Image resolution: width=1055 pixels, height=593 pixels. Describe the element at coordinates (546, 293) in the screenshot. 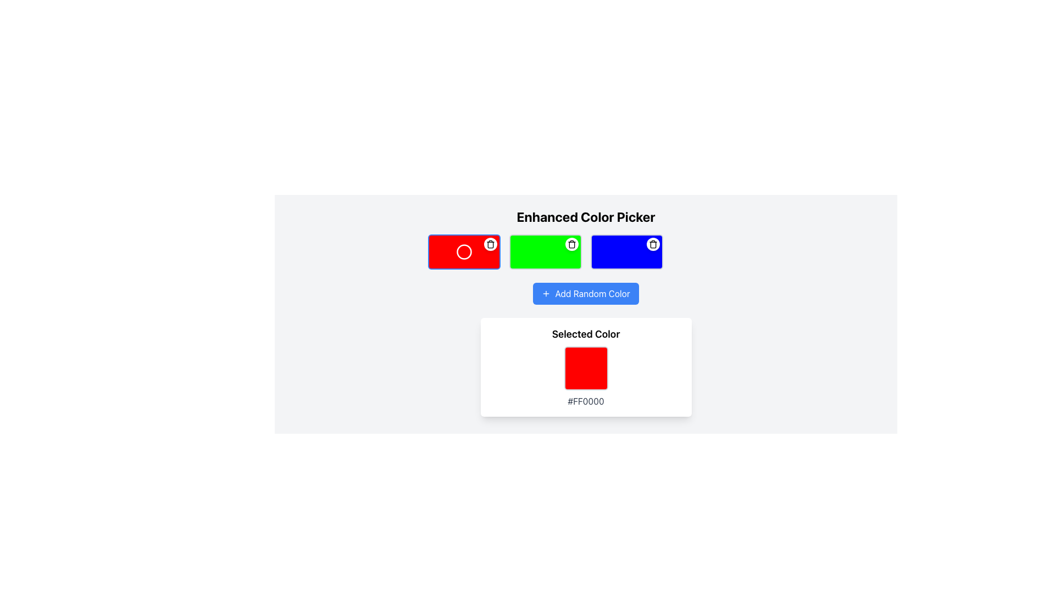

I see `the 'Add Random Color' button which contains the decorative SVG icon on its left side` at that location.